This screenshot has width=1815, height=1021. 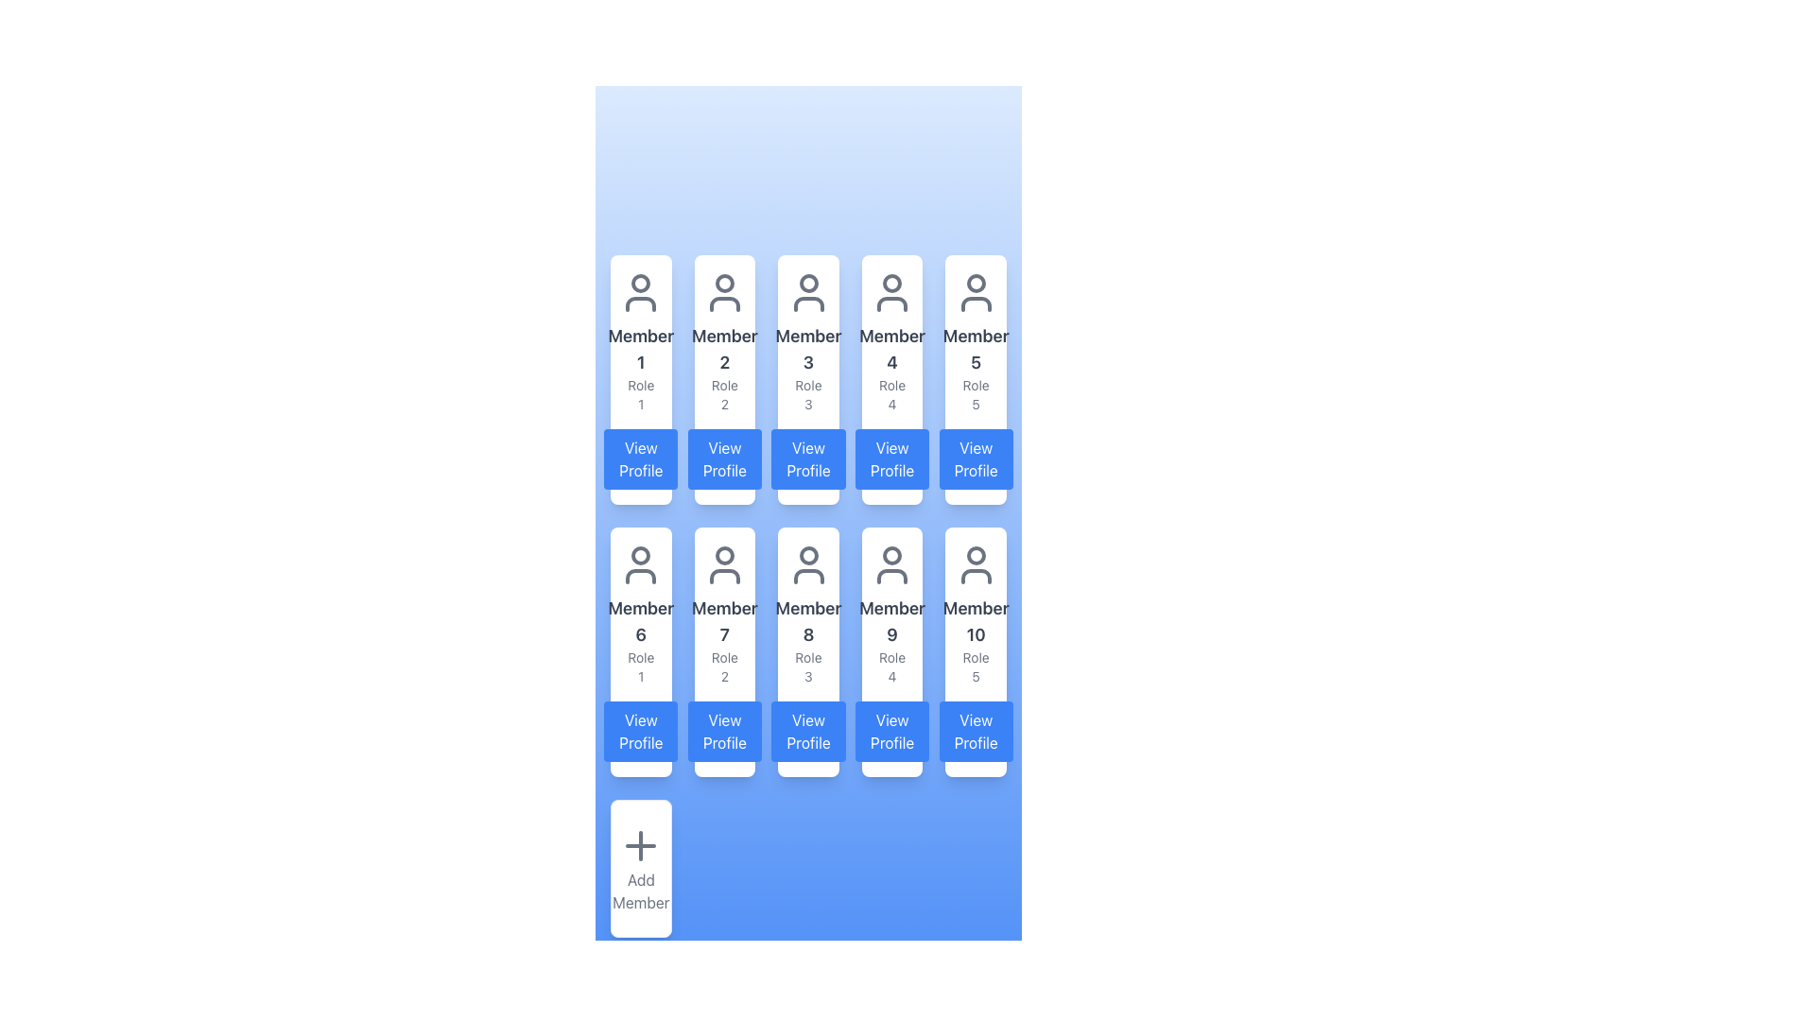 I want to click on the static text label displaying 'Member 10' in bold gray font, located within the user profile card for 'Member 10', situated in the second row and fifth column of the layout, so click(x=976, y=622).